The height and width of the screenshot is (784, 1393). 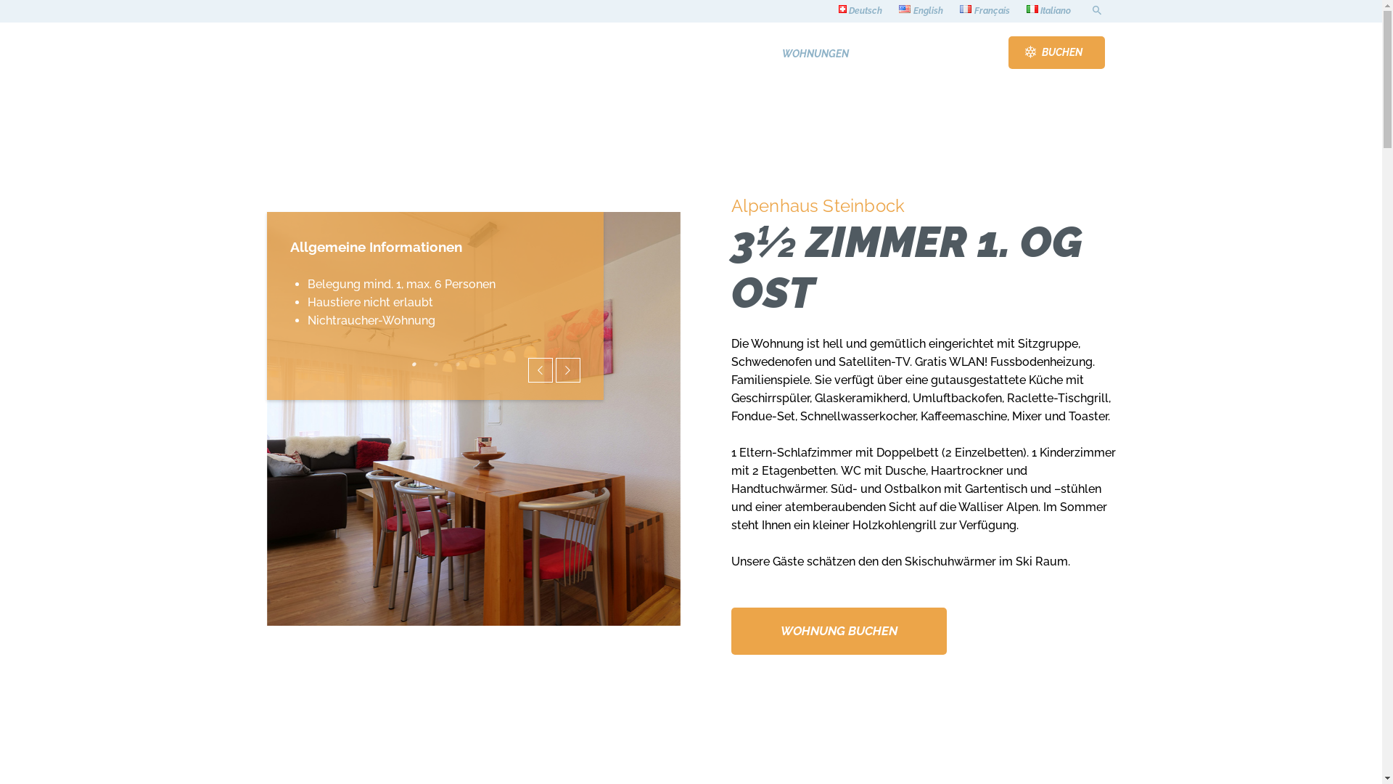 What do you see at coordinates (829, 11) in the screenshot?
I see `'Deutsch'` at bounding box center [829, 11].